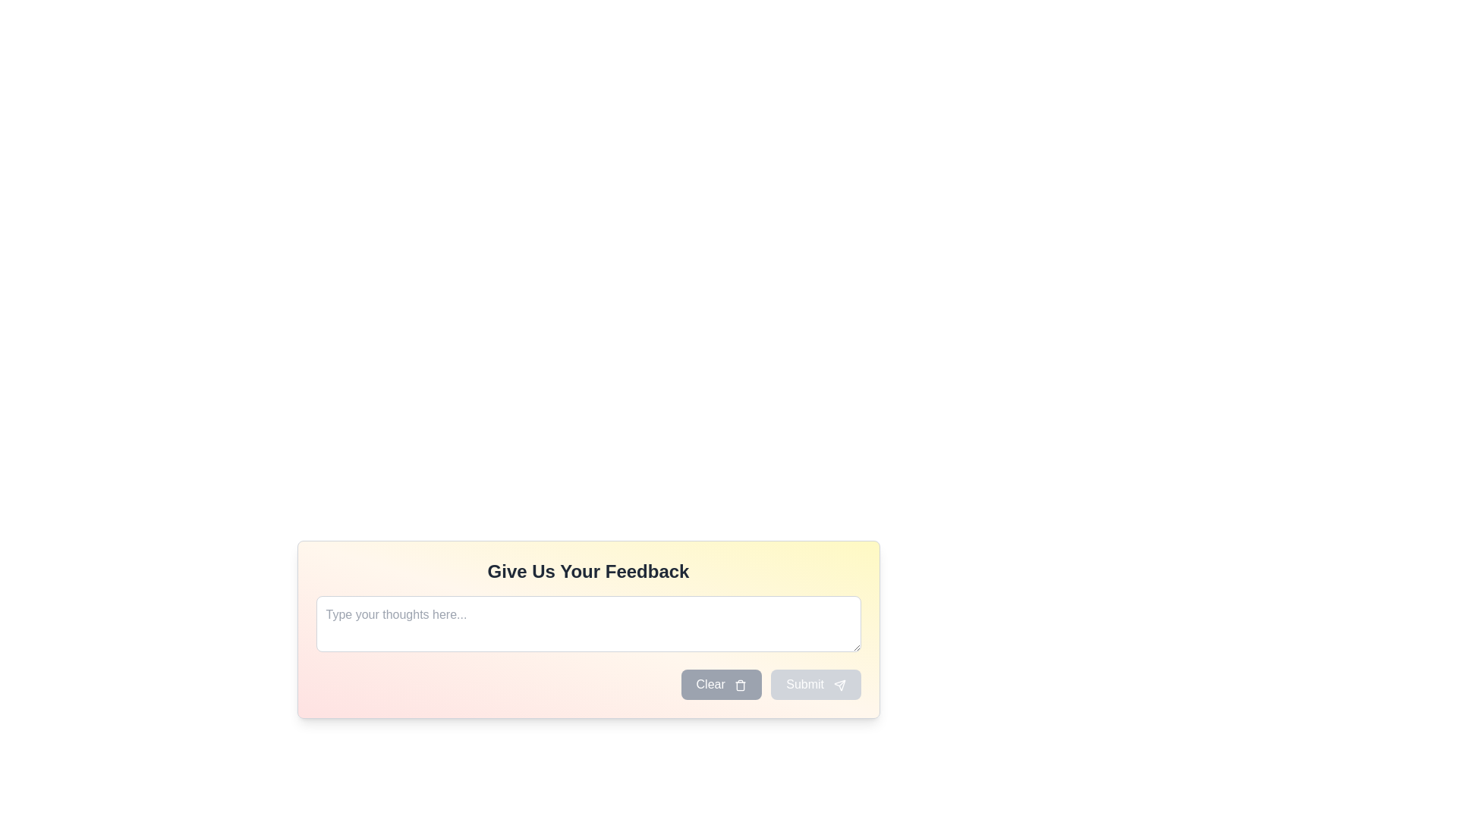 Image resolution: width=1457 pixels, height=819 pixels. What do you see at coordinates (815, 684) in the screenshot?
I see `the disabled submit button located at the bottom right of the feedback form, which is the second button to the right of the 'Clear' button` at bounding box center [815, 684].